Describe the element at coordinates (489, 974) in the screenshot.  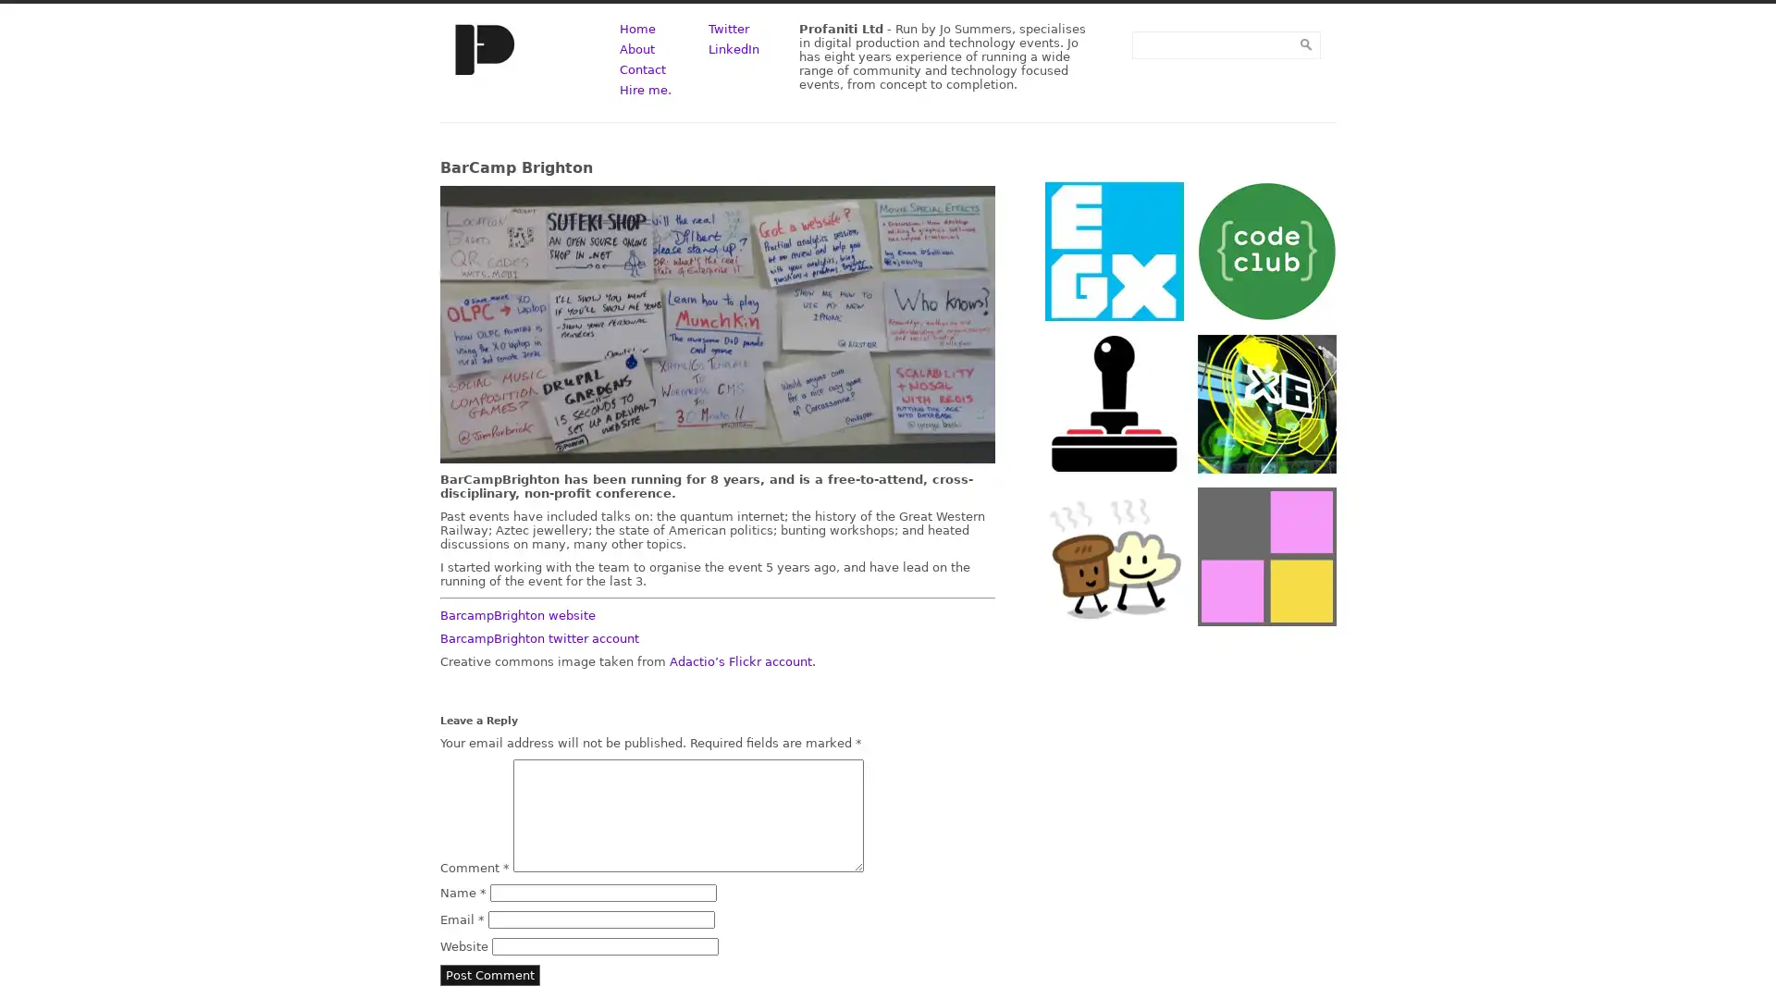
I see `Post Comment` at that location.